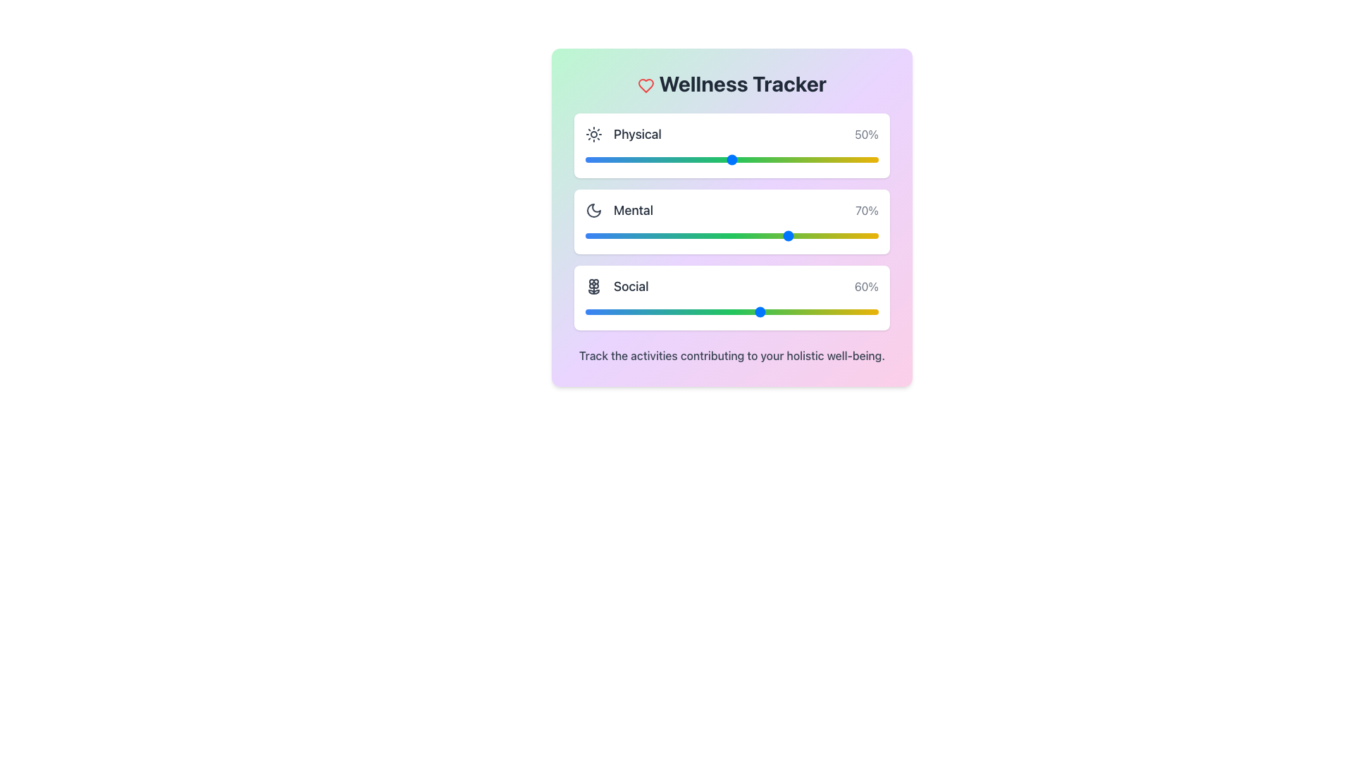 The height and width of the screenshot is (761, 1353). Describe the element at coordinates (594, 211) in the screenshot. I see `the crescent moon icon in the 'Wellness Tracker' interface, which is gray and located to the left of the 'Mental' text label` at that location.